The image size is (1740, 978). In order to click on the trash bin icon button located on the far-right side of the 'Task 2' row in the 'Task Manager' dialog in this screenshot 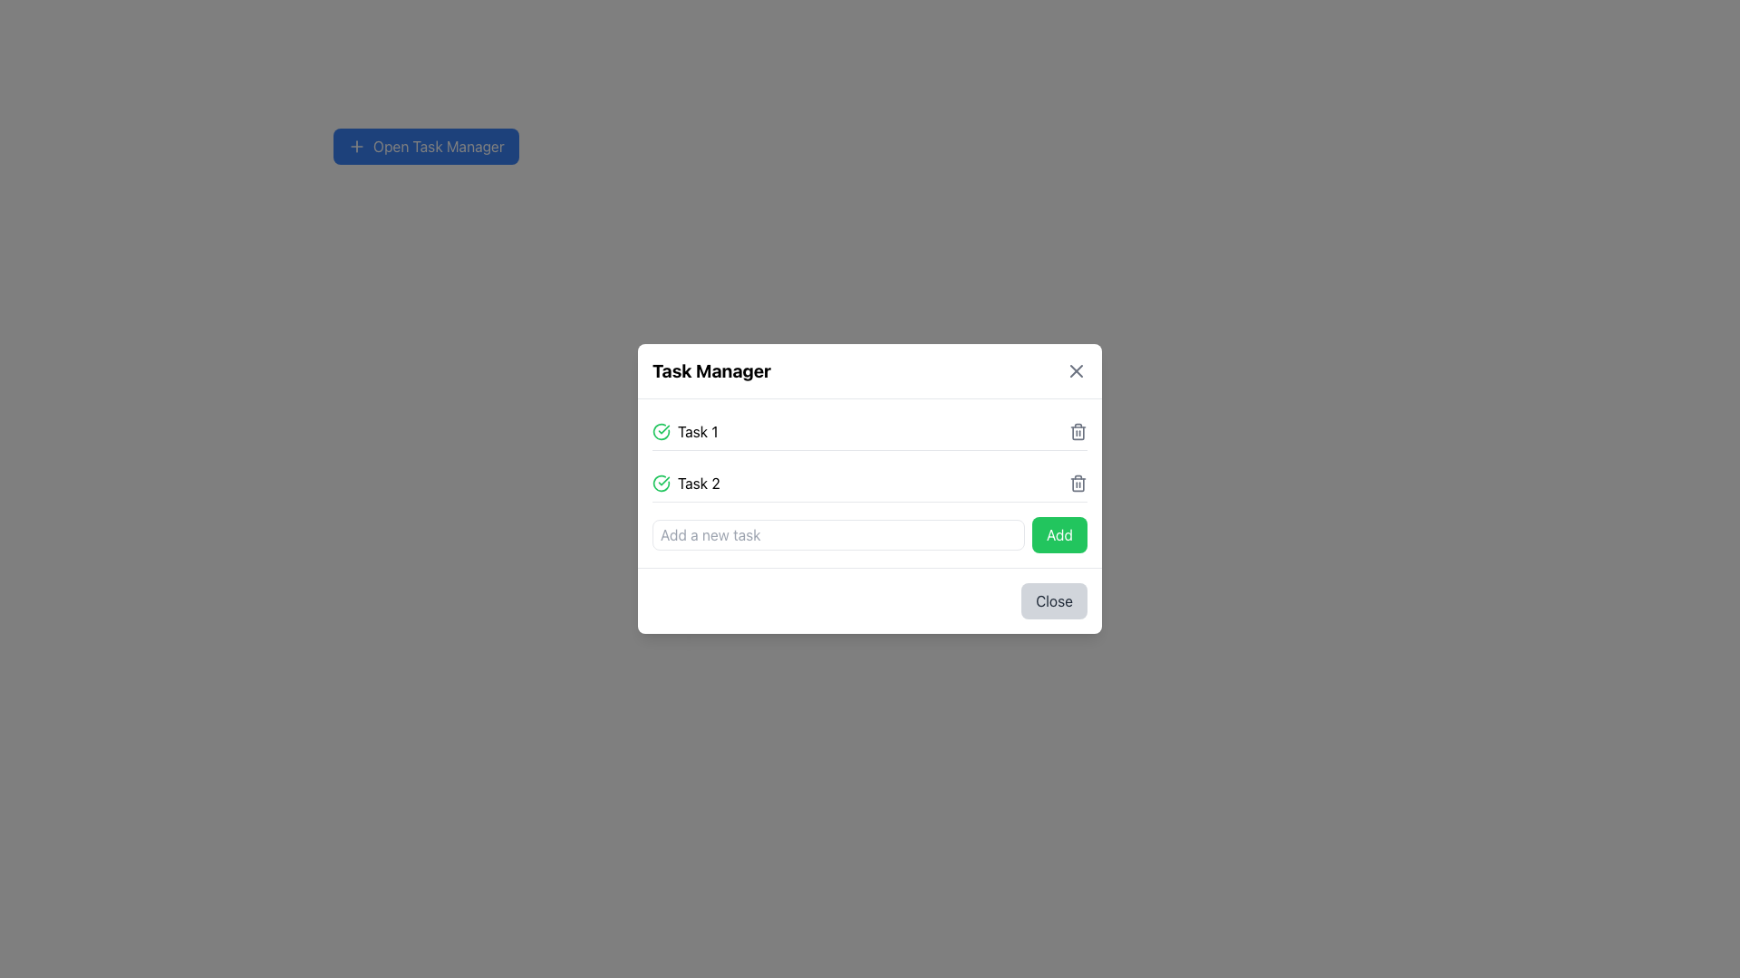, I will do `click(1078, 482)`.